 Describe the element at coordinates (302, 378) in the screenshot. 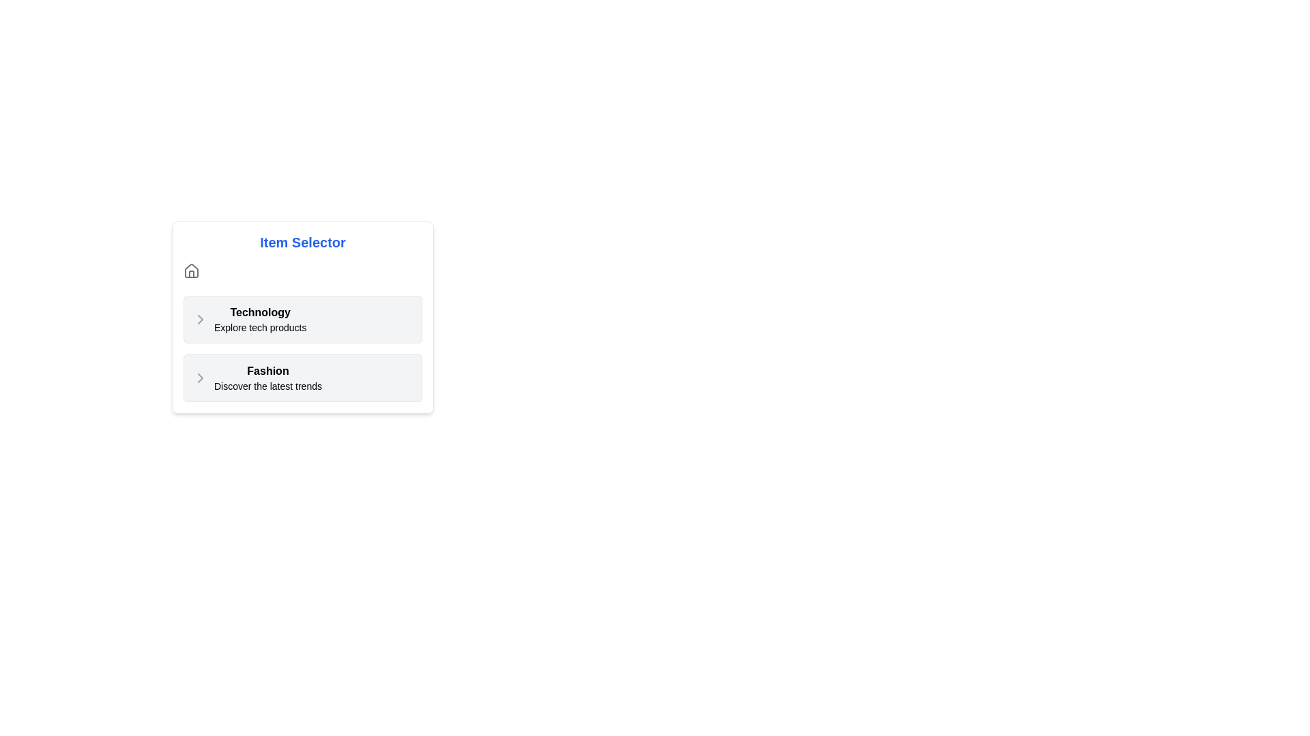

I see `the second selectable menu option in the 'Item Selector' list to observe its interactivity or focus behaviors` at that location.